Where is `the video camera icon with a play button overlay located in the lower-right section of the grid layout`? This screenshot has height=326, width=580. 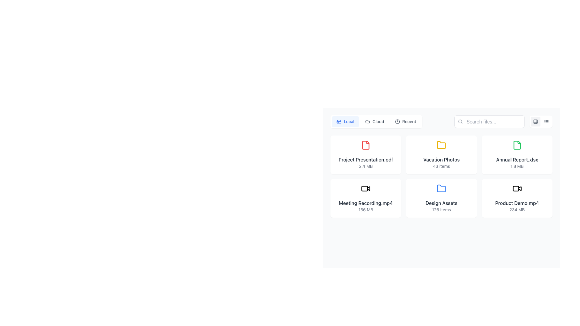
the video camera icon with a play button overlay located in the lower-right section of the grid layout is located at coordinates (520, 188).